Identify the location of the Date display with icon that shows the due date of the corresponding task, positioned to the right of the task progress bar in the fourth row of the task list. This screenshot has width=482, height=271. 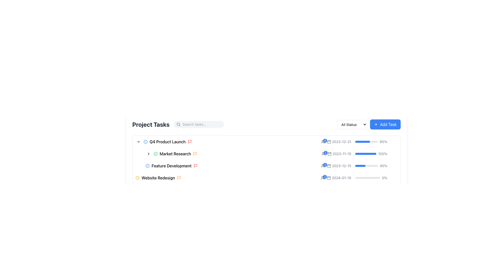
(339, 178).